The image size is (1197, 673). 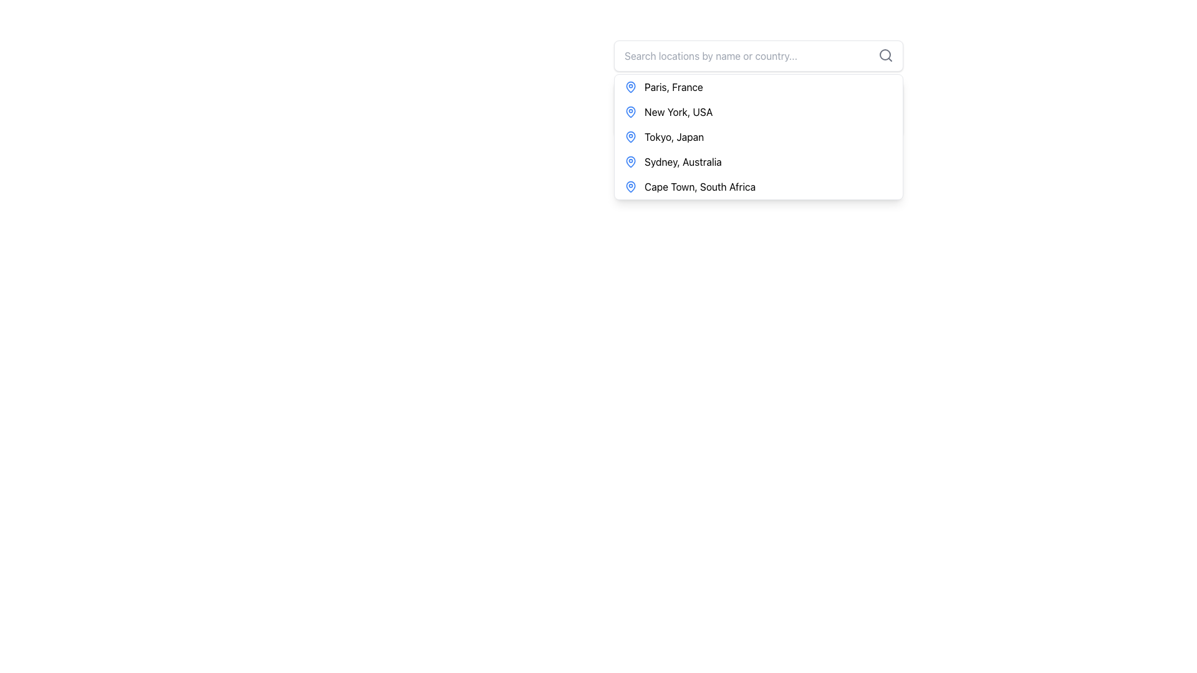 I want to click on the fifth list item in the dropdown menu that displays 'Cape Town, South Africa', so click(x=758, y=187).